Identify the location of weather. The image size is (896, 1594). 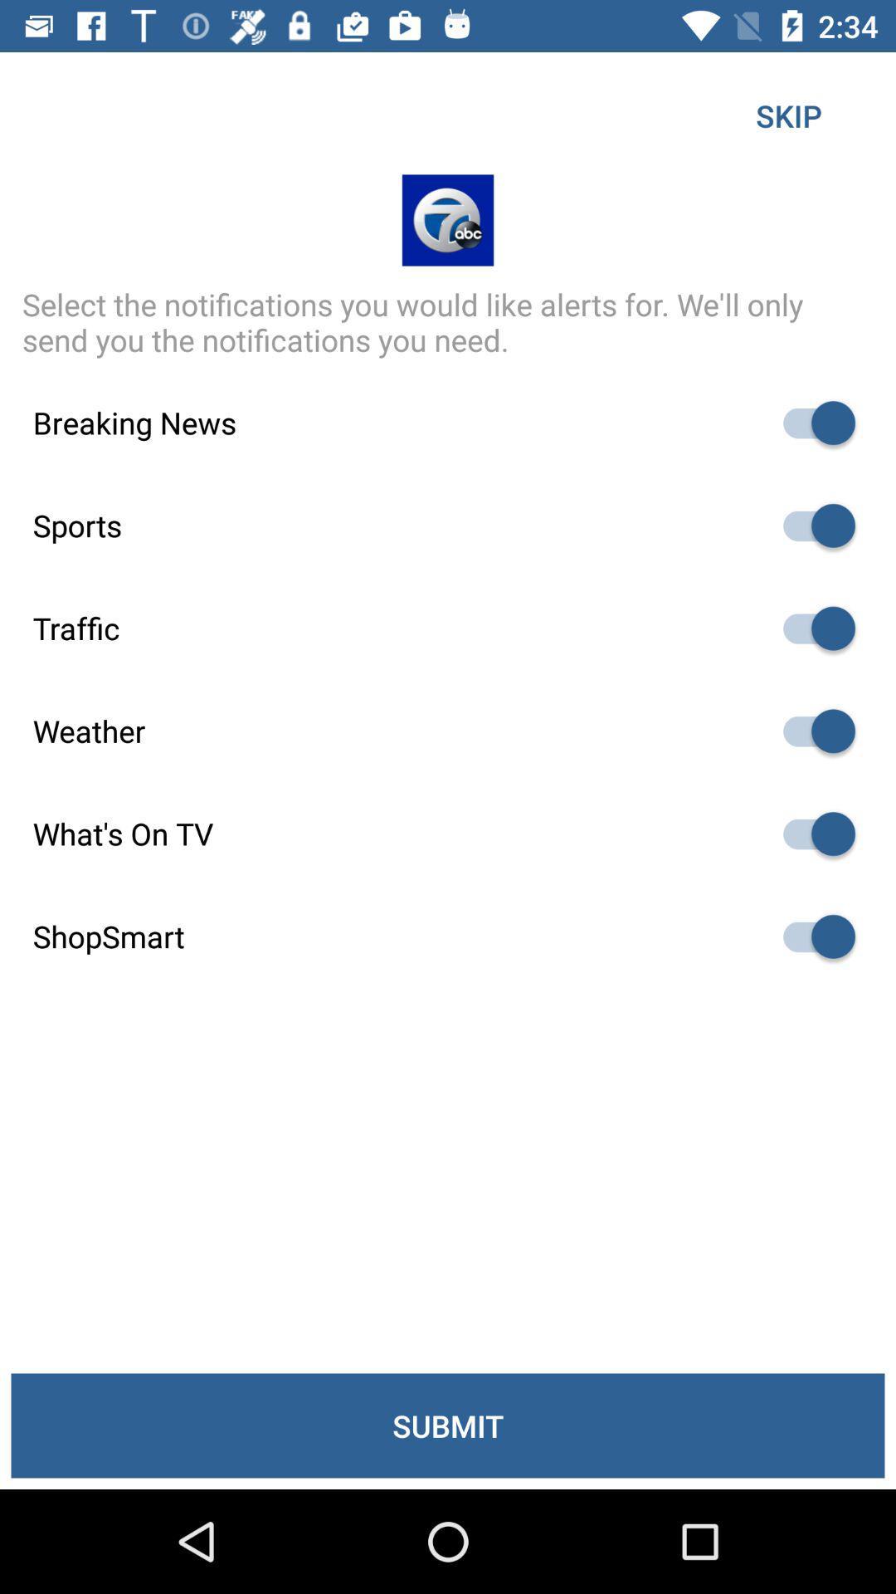
(811, 731).